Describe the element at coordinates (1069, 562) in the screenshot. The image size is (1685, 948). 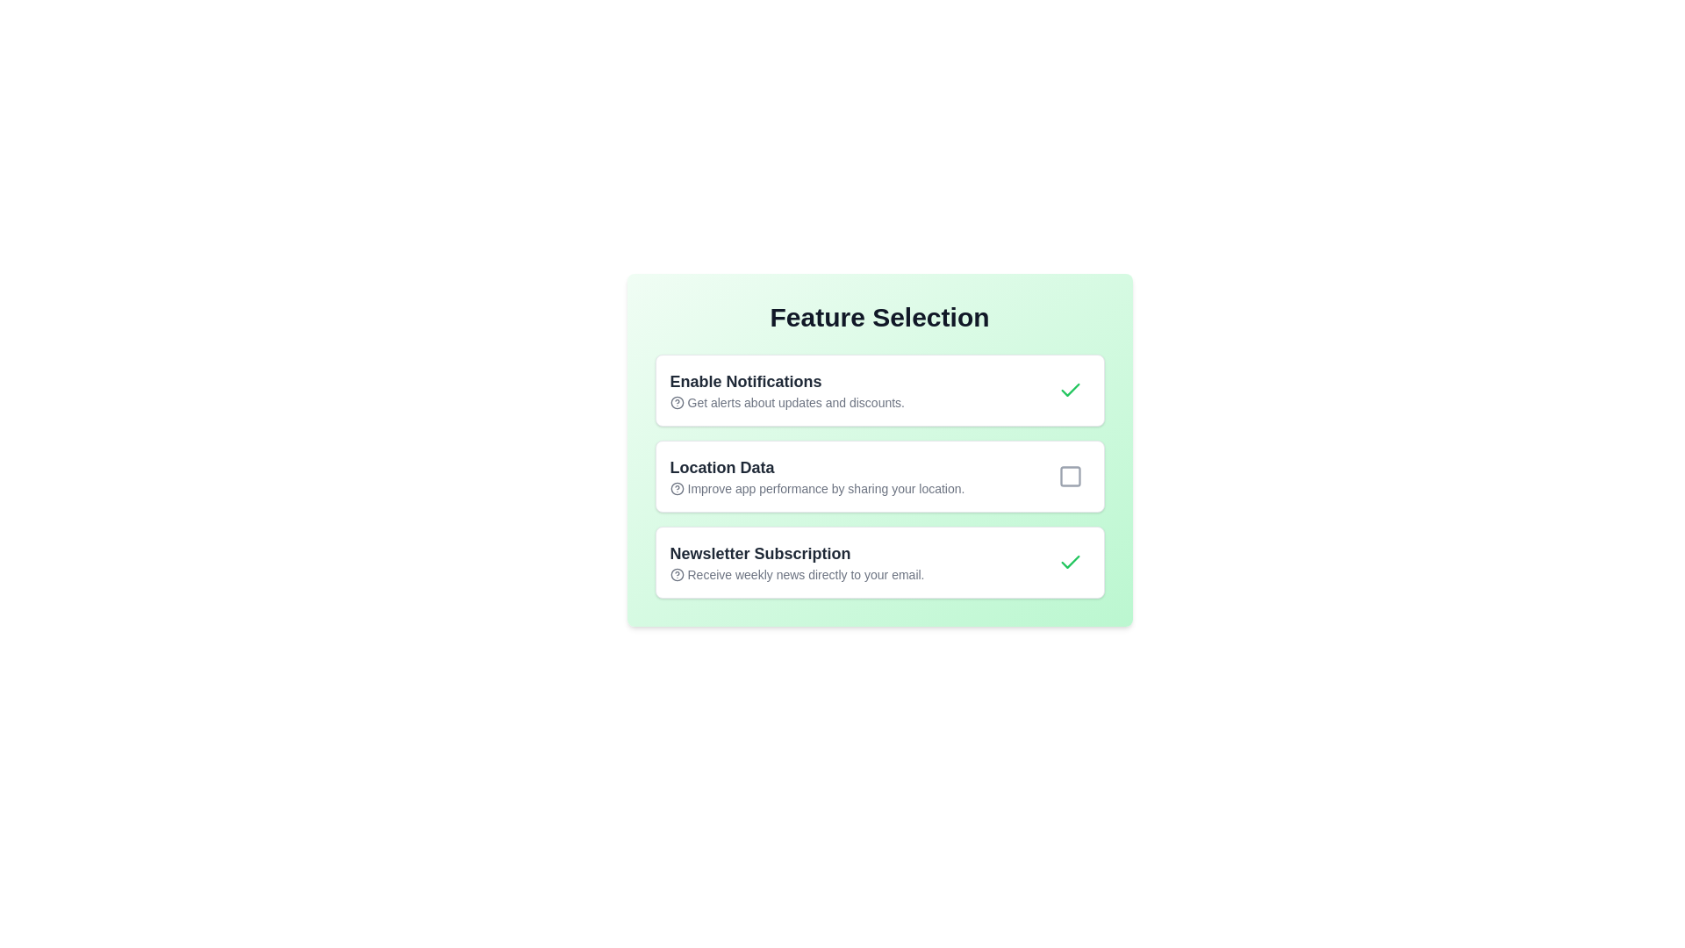
I see `the green checkmark icon inside the checkbox` at that location.